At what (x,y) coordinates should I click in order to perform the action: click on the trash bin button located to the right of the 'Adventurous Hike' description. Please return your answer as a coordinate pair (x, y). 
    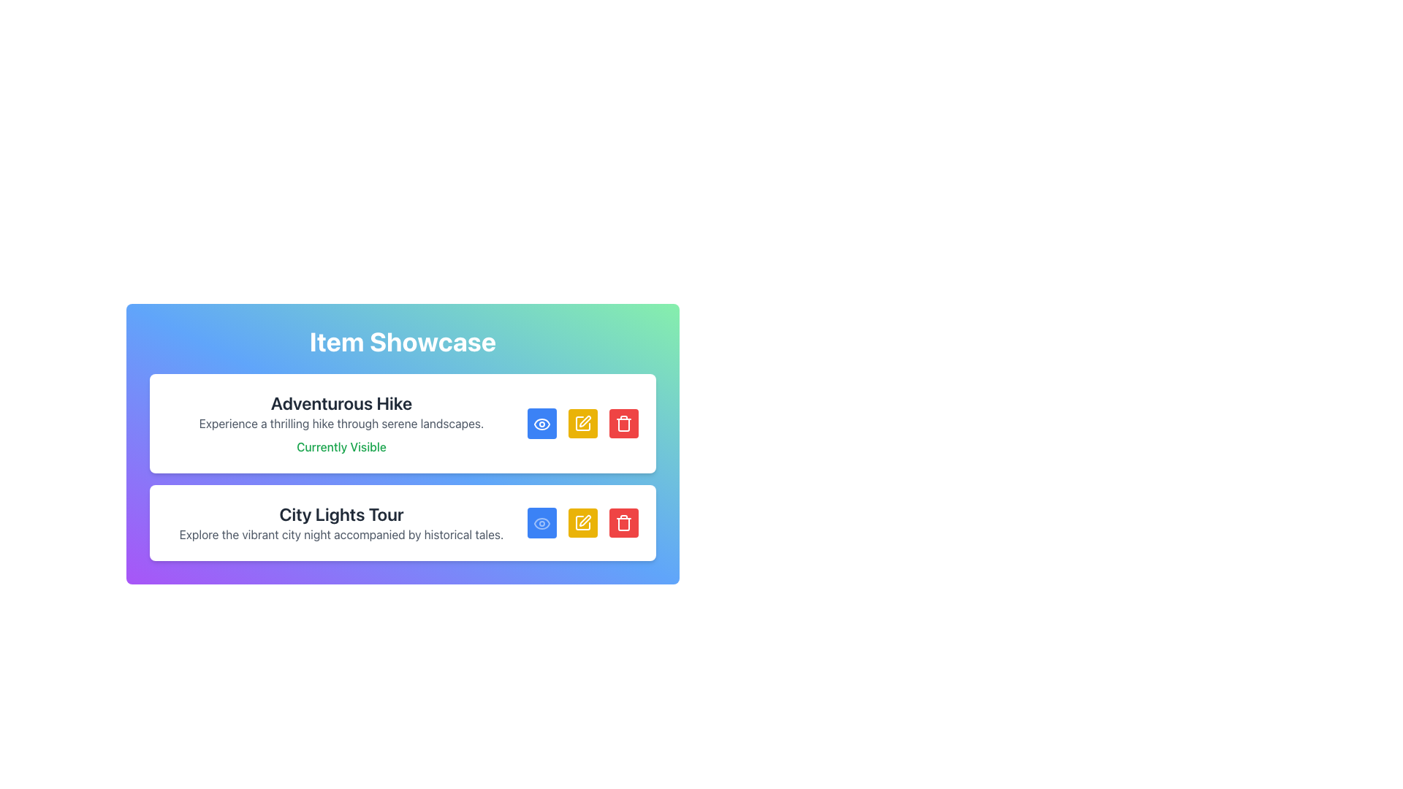
    Looking at the image, I should click on (624, 423).